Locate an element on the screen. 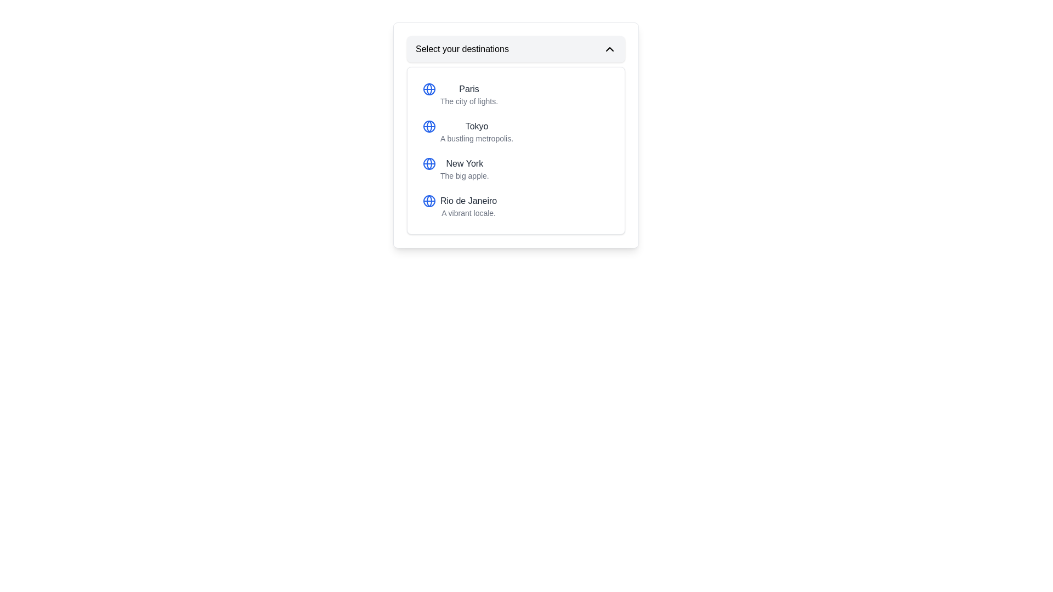  the text label reading 'A vibrant locale.' which is styled with a smaller font size and a lighter gray color, located below the bolded 'Rio de Janeiro' text in the dropdown list is located at coordinates (468, 213).